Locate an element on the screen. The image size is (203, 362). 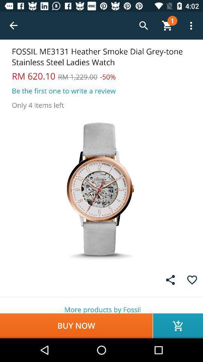
show the full image is located at coordinates (101, 189).